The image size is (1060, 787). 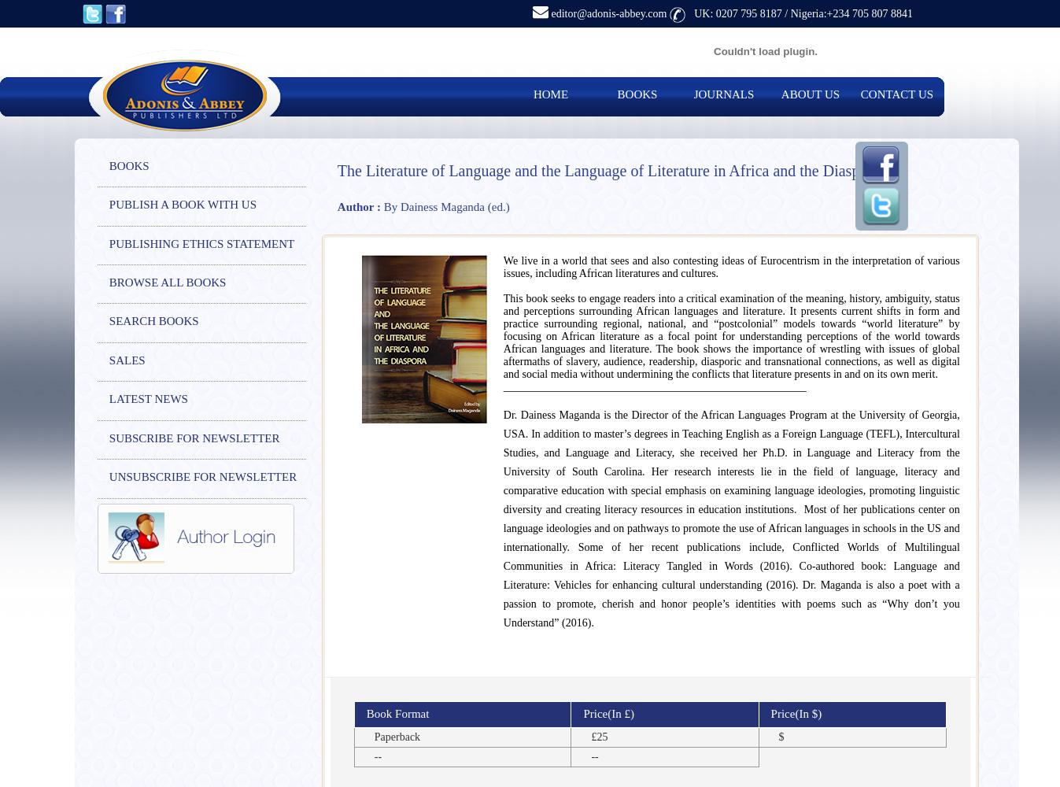 I want to click on 'BROWSE ALL BOOKS', so click(x=166, y=282).